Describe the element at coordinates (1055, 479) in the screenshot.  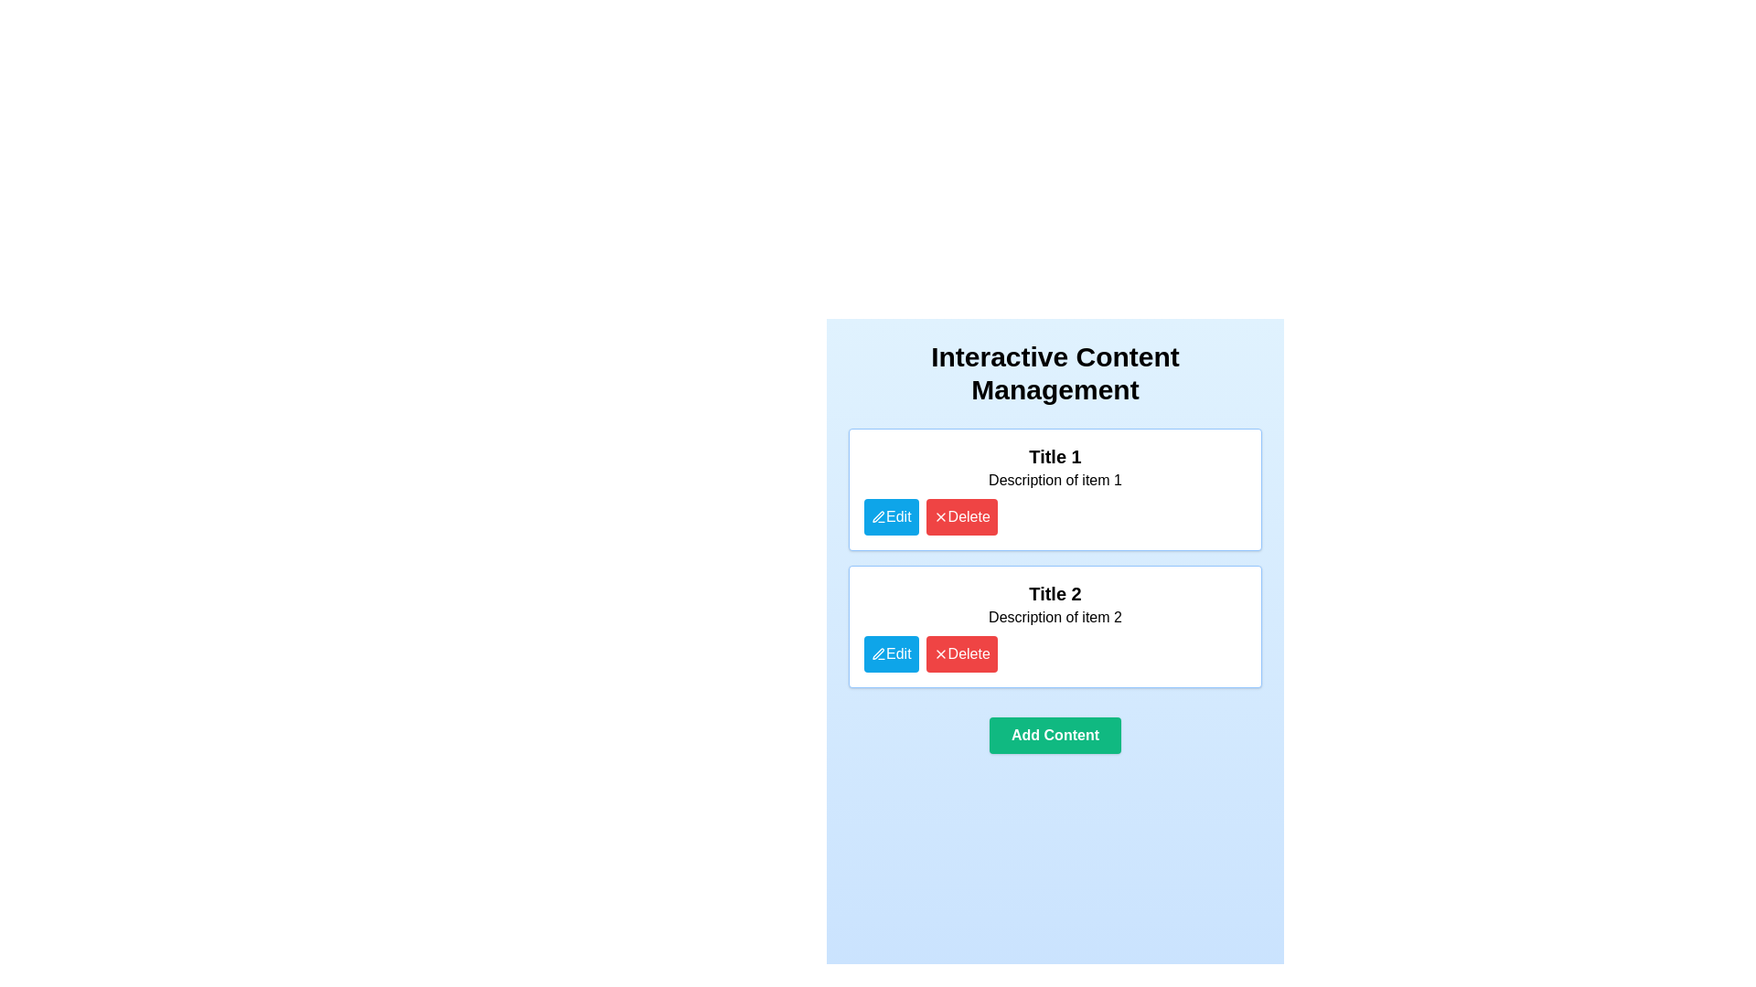
I see `the static text element located below 'Title 1', which provides descriptive detail about the corresponding item` at that location.